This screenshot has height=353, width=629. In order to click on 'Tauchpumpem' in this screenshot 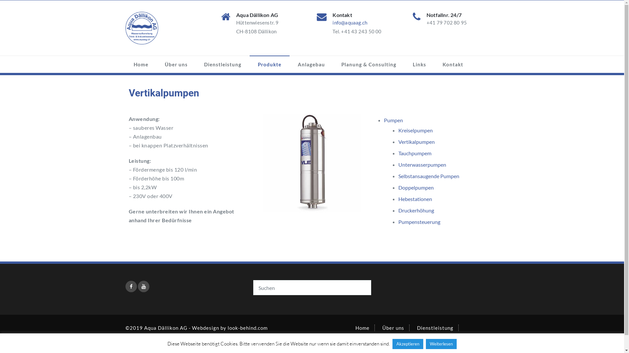, I will do `click(414, 153)`.